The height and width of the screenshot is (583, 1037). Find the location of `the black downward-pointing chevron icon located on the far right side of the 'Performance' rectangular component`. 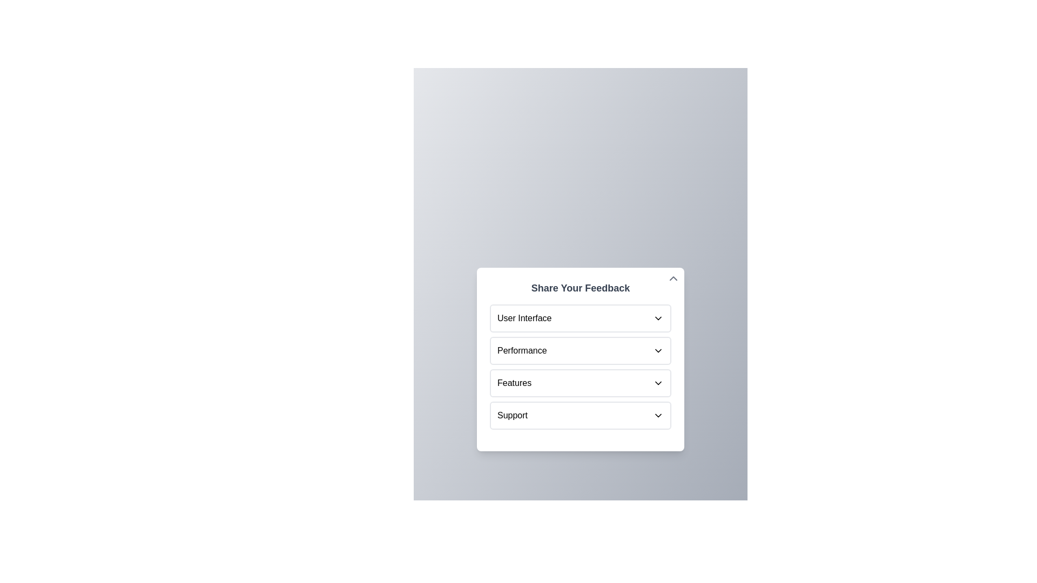

the black downward-pointing chevron icon located on the far right side of the 'Performance' rectangular component is located at coordinates (658, 351).